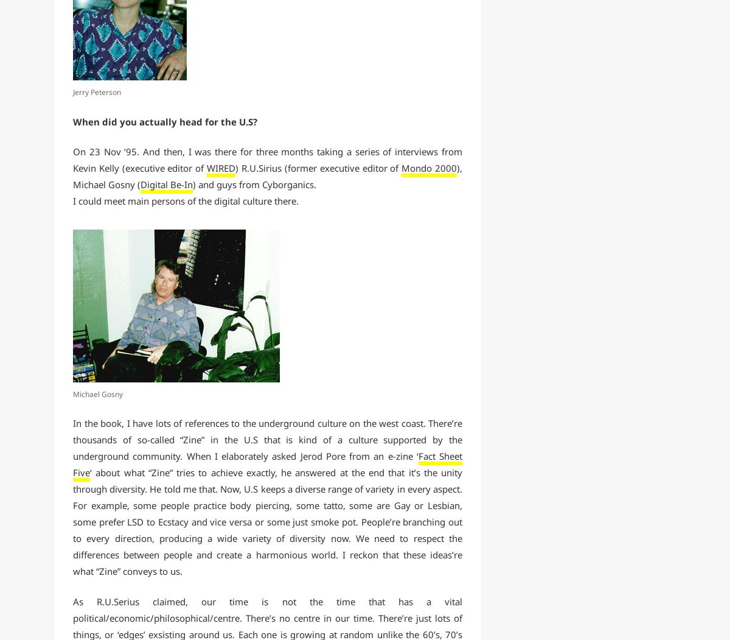  I want to click on 'WIRED', so click(221, 167).